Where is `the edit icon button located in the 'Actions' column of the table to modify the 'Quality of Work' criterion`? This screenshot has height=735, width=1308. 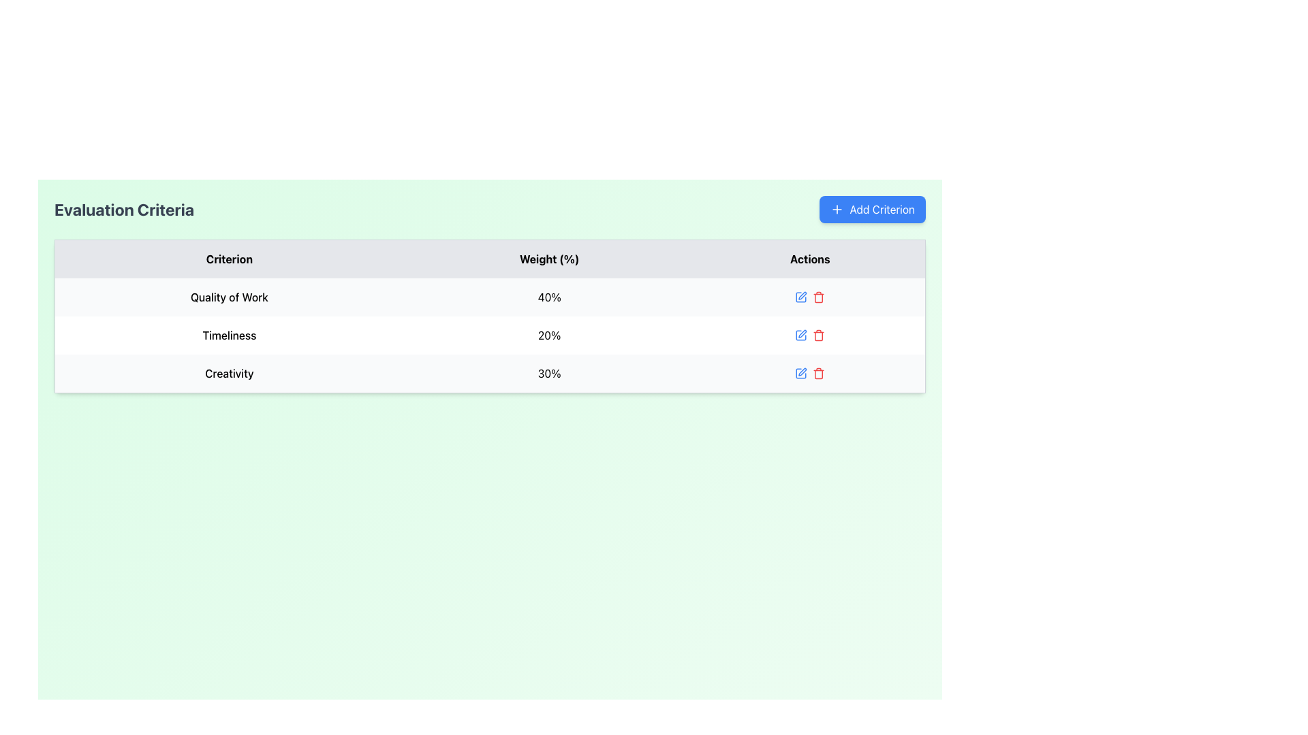 the edit icon button located in the 'Actions' column of the table to modify the 'Quality of Work' criterion is located at coordinates (801, 296).